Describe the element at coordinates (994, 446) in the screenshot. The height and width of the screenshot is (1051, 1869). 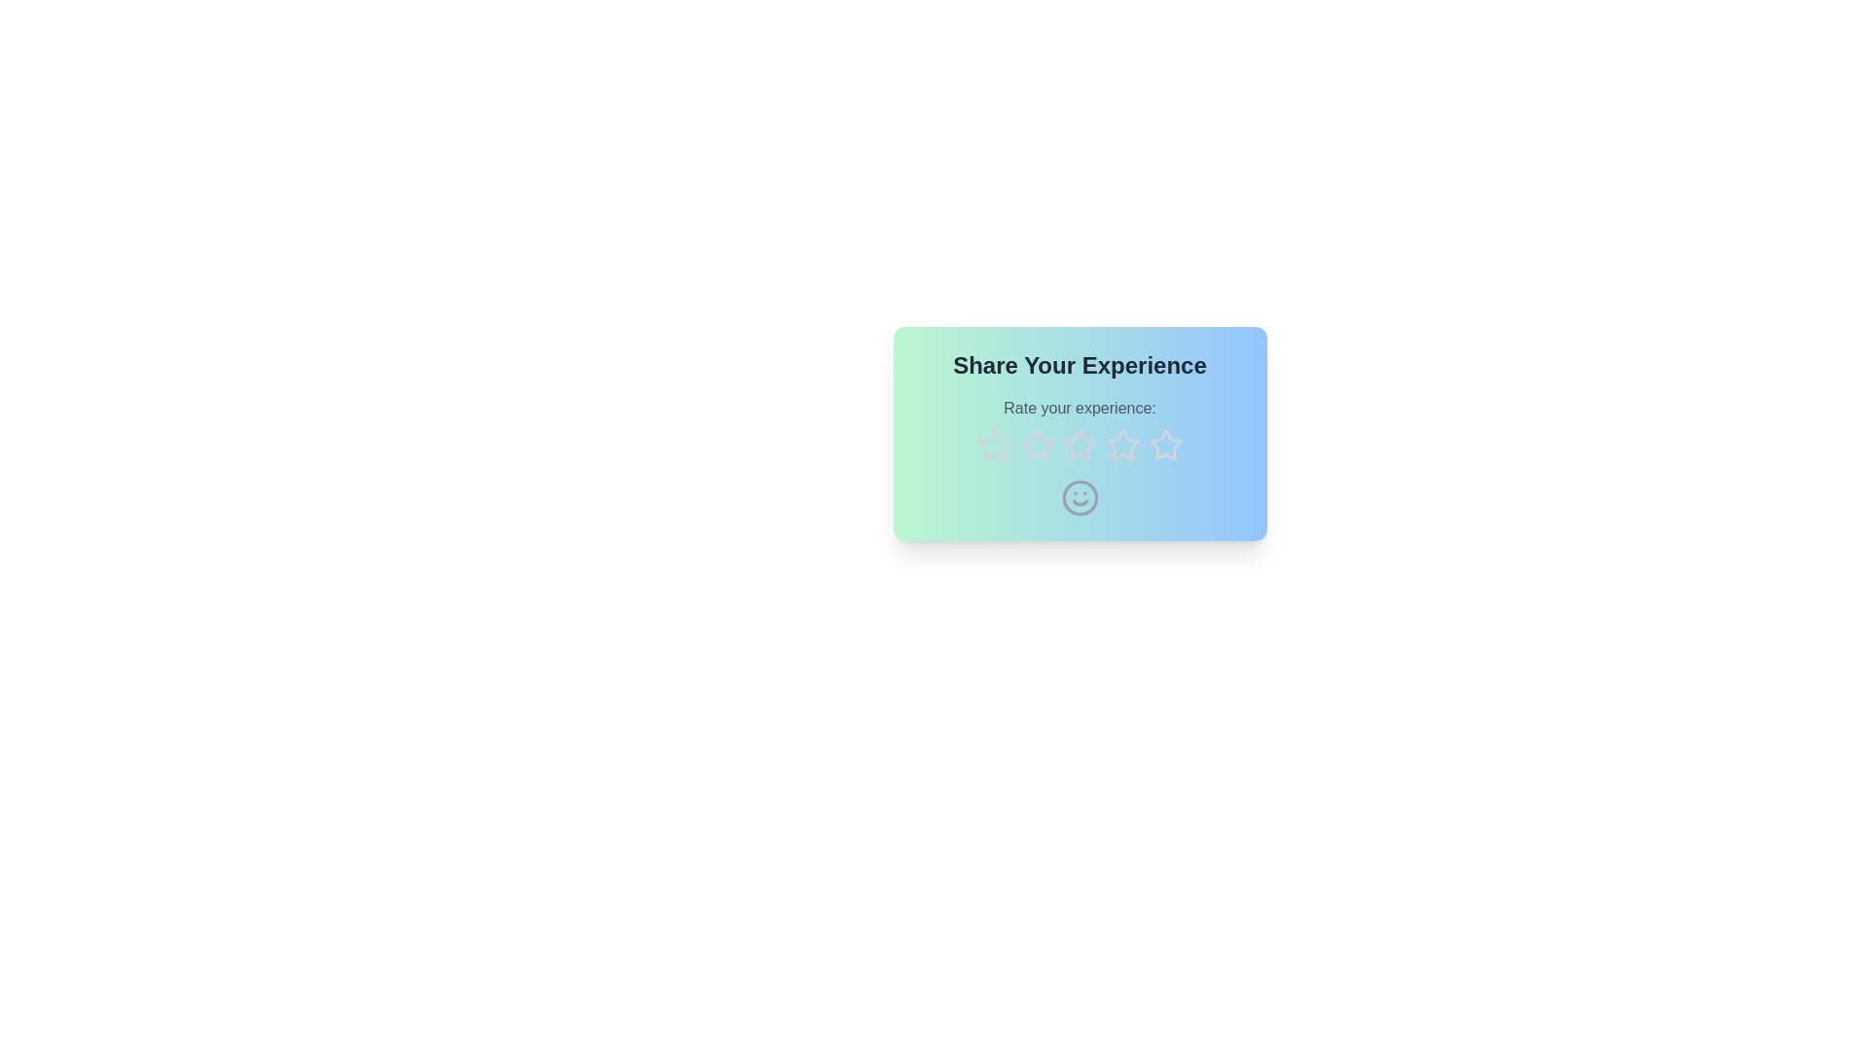
I see `the star corresponding to 1 to preview the rating` at that location.